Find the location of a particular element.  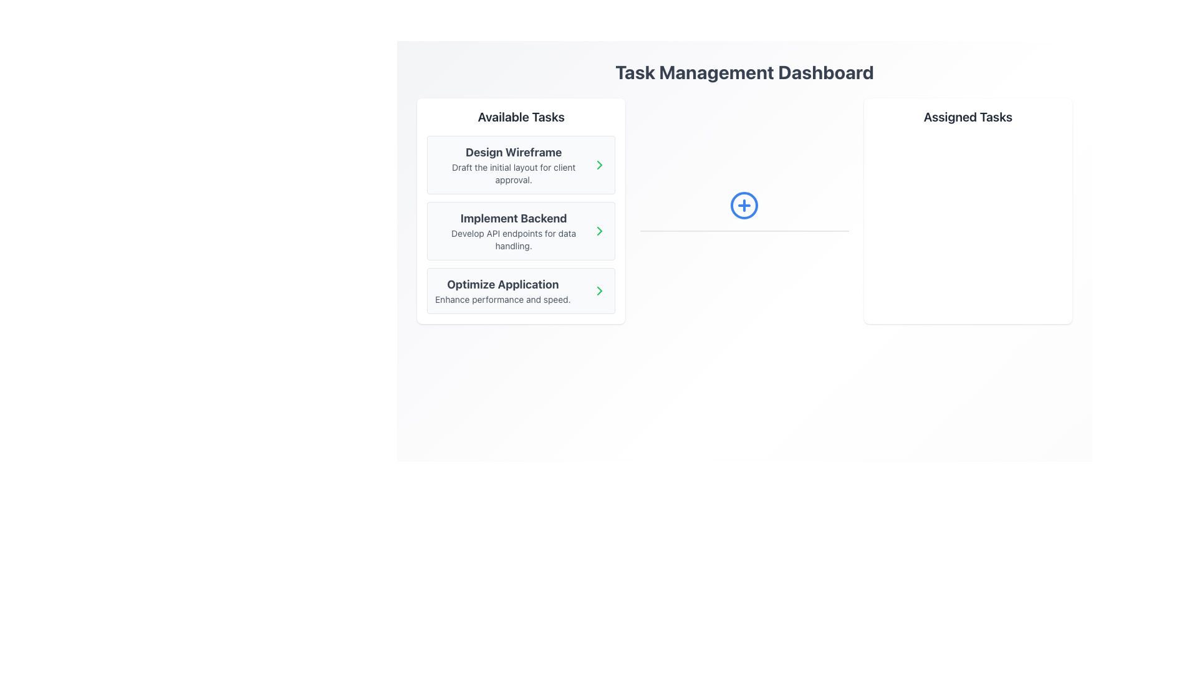

contents of the task labeled 'Design Wireframe', located at the top of the vertical list of task cards under the 'Available Tasks' section is located at coordinates (514, 165).